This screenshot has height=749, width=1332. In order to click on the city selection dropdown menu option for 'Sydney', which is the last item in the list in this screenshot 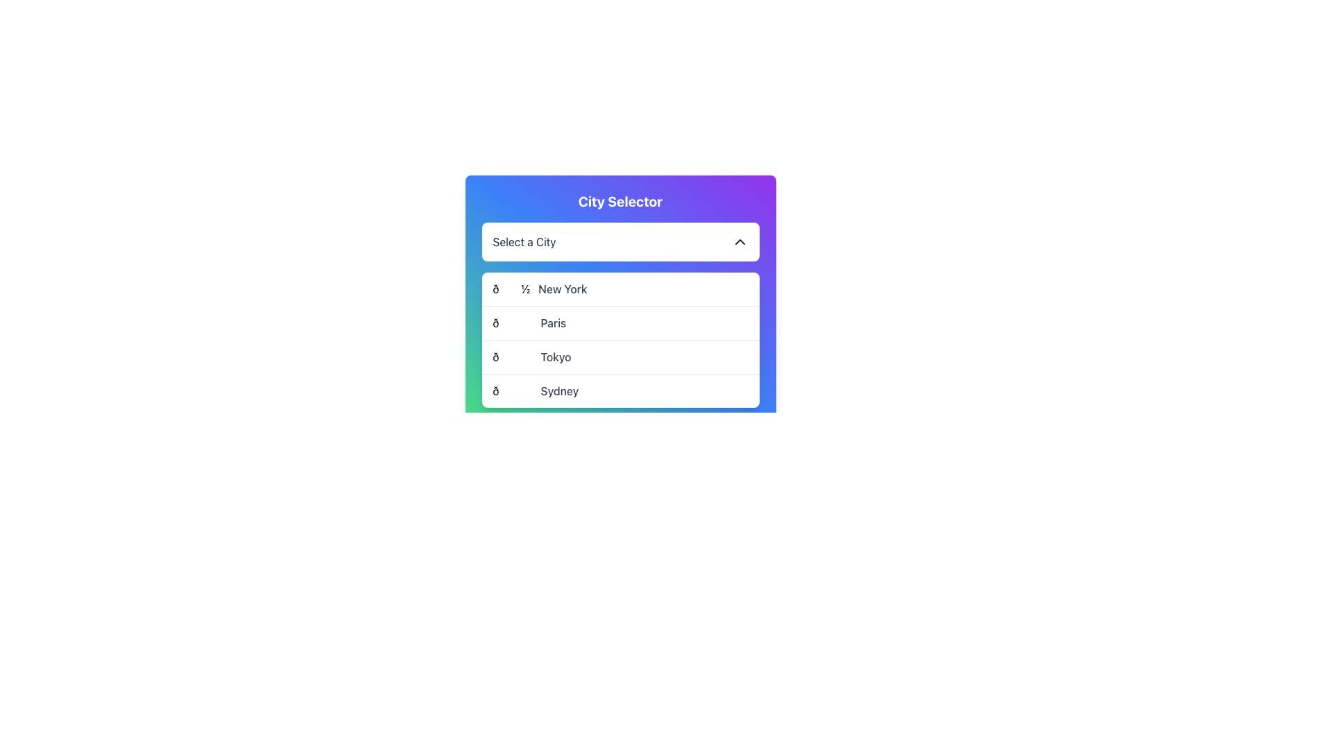, I will do `click(535, 390)`.